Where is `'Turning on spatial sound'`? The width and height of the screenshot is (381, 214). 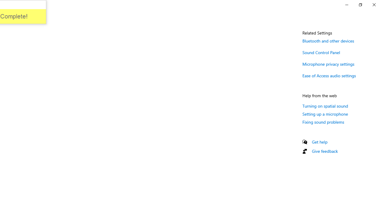 'Turning on spatial sound' is located at coordinates (325, 106).